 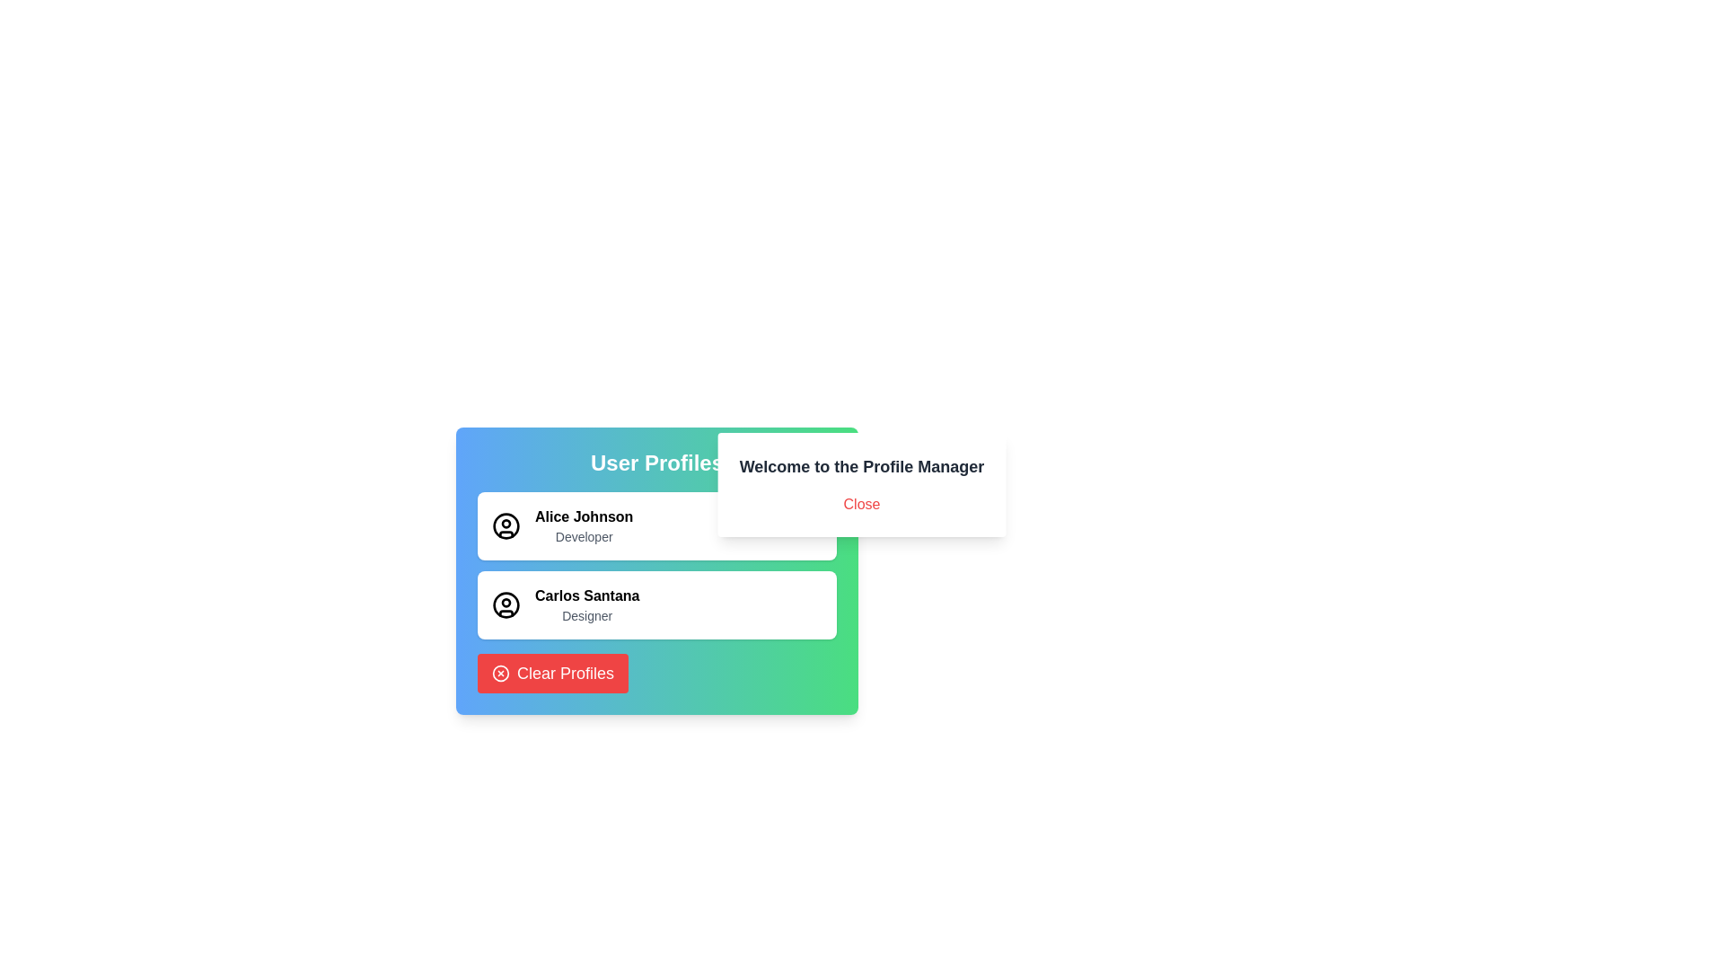 I want to click on the static text label displaying 'Alice Johnson', which is positioned at the top-left corner of the card layout above the 'Developer' subtitle, so click(x=584, y=516).